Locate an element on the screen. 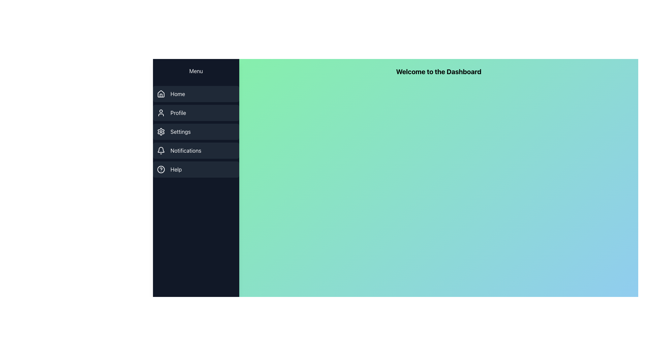  the clickable menu trigger button located at the top of the vertical navigation bar is located at coordinates (195, 71).